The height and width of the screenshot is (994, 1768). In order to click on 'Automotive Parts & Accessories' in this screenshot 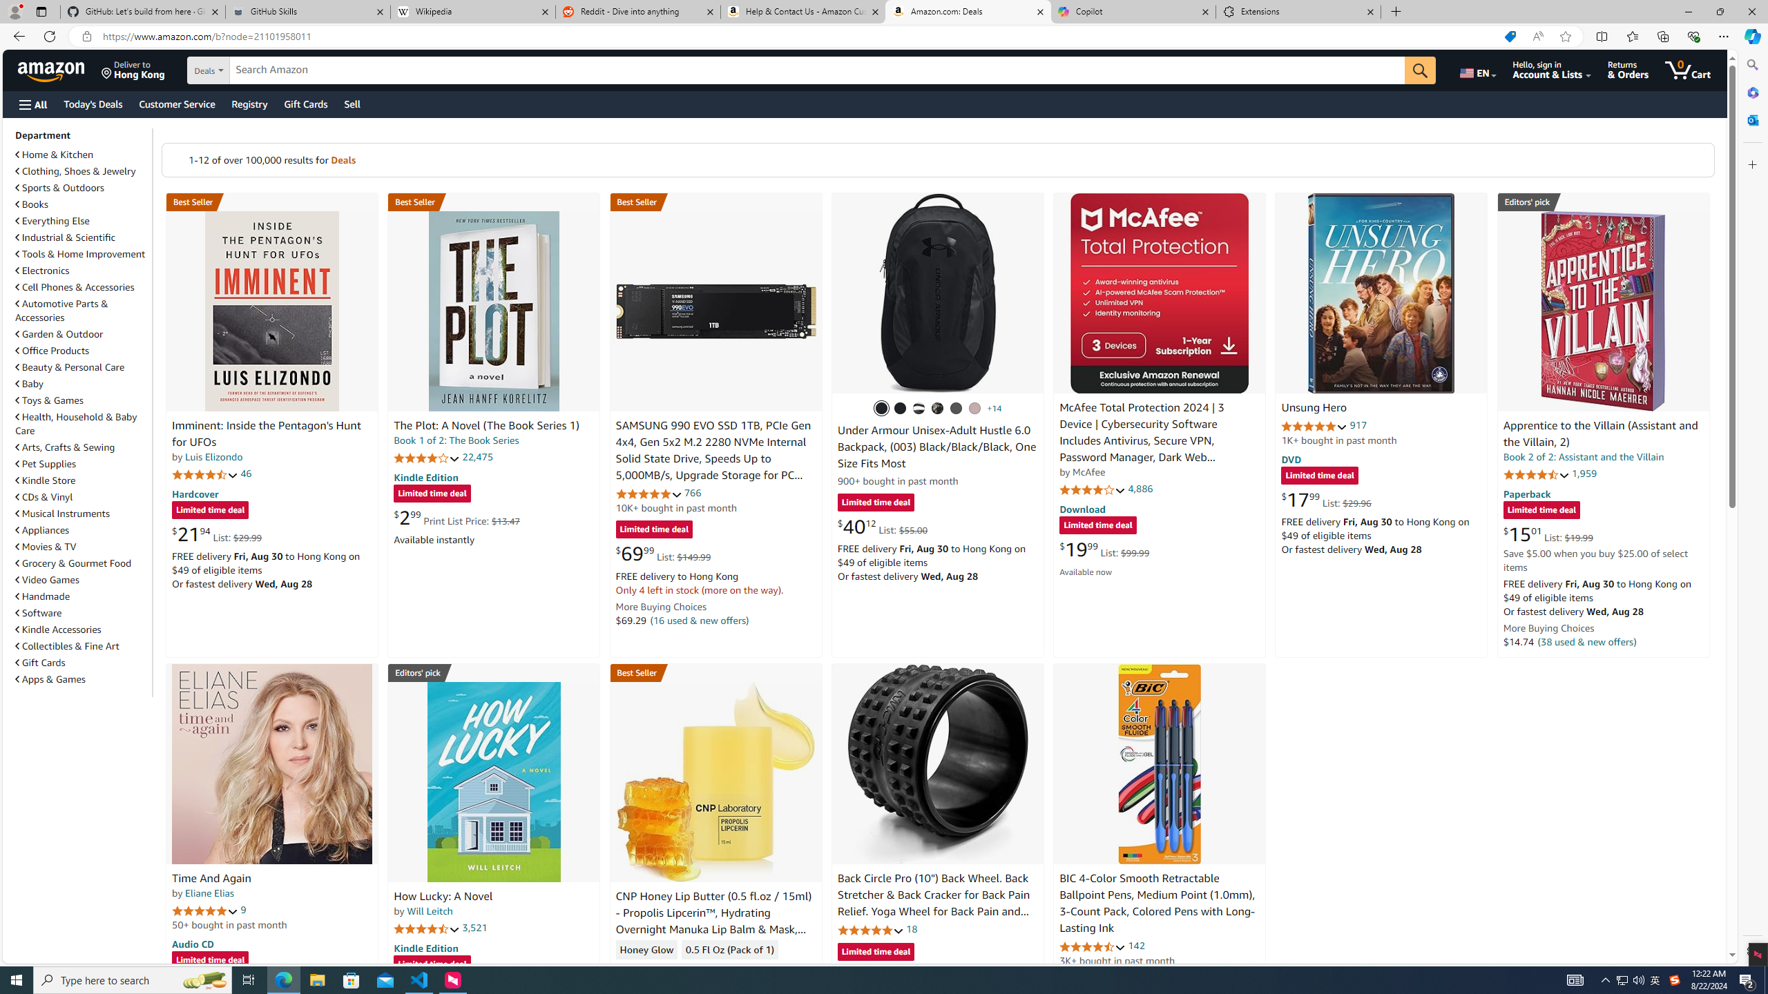, I will do `click(81, 310)`.